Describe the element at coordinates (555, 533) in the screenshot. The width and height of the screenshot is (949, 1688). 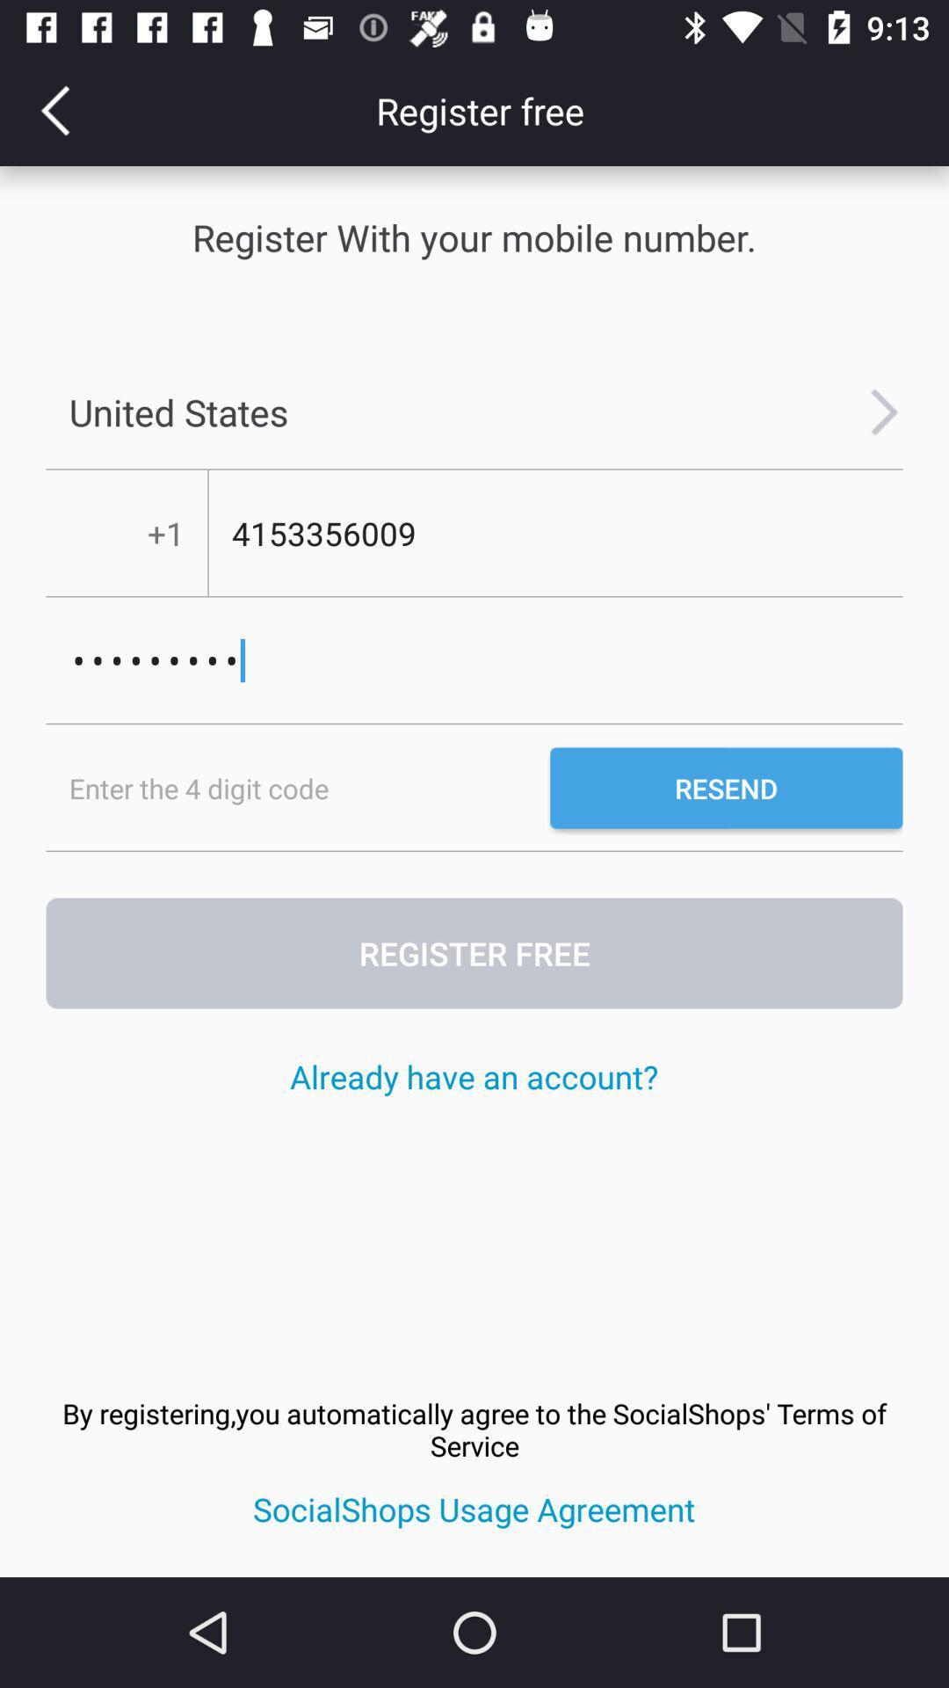
I see `the 4153356009` at that location.